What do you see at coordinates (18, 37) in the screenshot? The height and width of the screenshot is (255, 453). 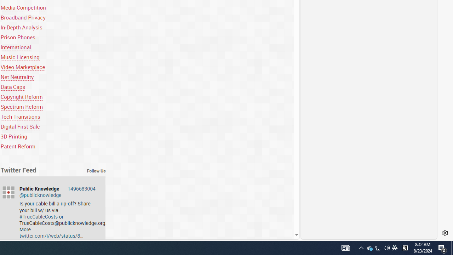 I see `'Prison Phones'` at bounding box center [18, 37].